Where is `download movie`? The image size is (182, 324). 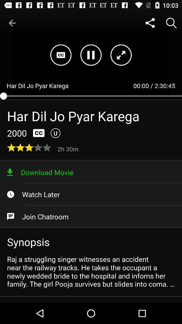 download movie is located at coordinates (91, 172).